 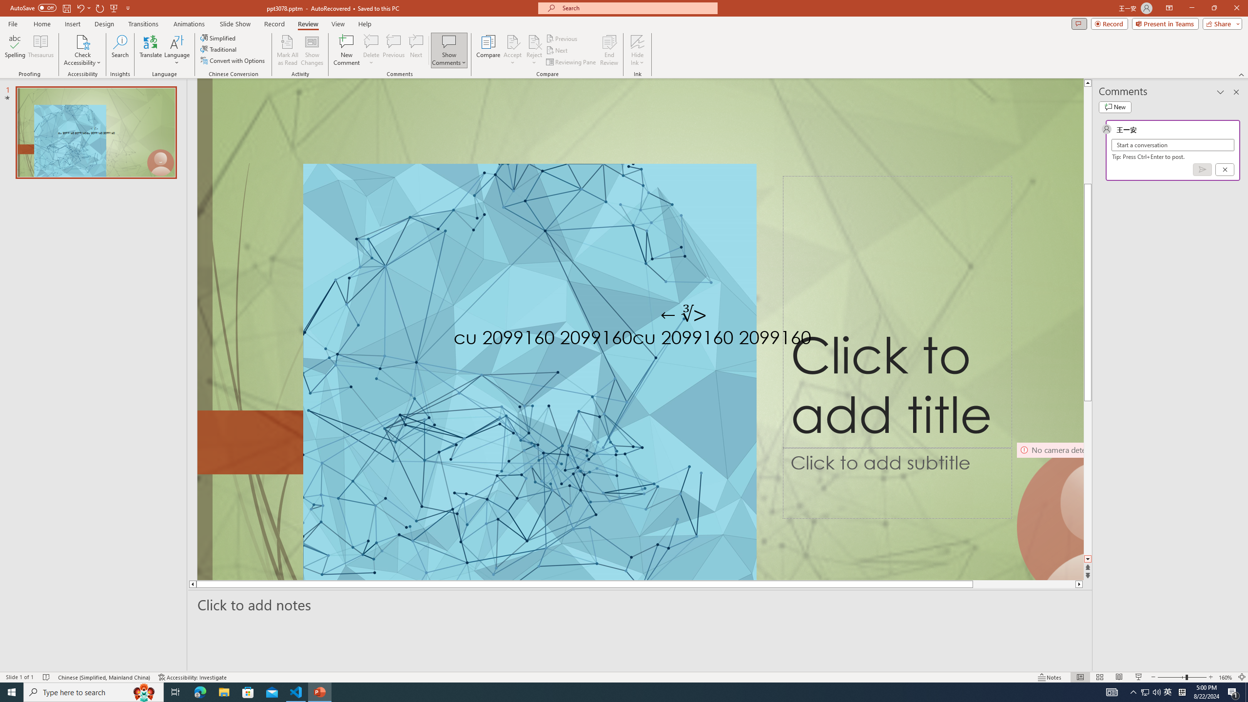 I want to click on 'End Review', so click(x=608, y=50).